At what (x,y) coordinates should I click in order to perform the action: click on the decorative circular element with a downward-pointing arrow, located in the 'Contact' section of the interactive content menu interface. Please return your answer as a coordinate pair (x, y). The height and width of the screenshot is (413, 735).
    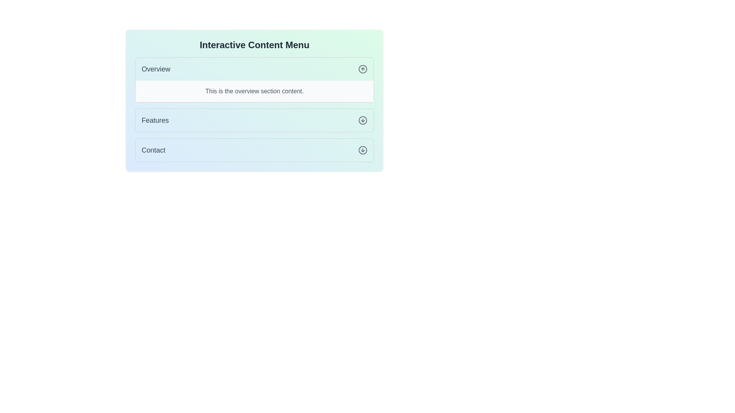
    Looking at the image, I should click on (363, 150).